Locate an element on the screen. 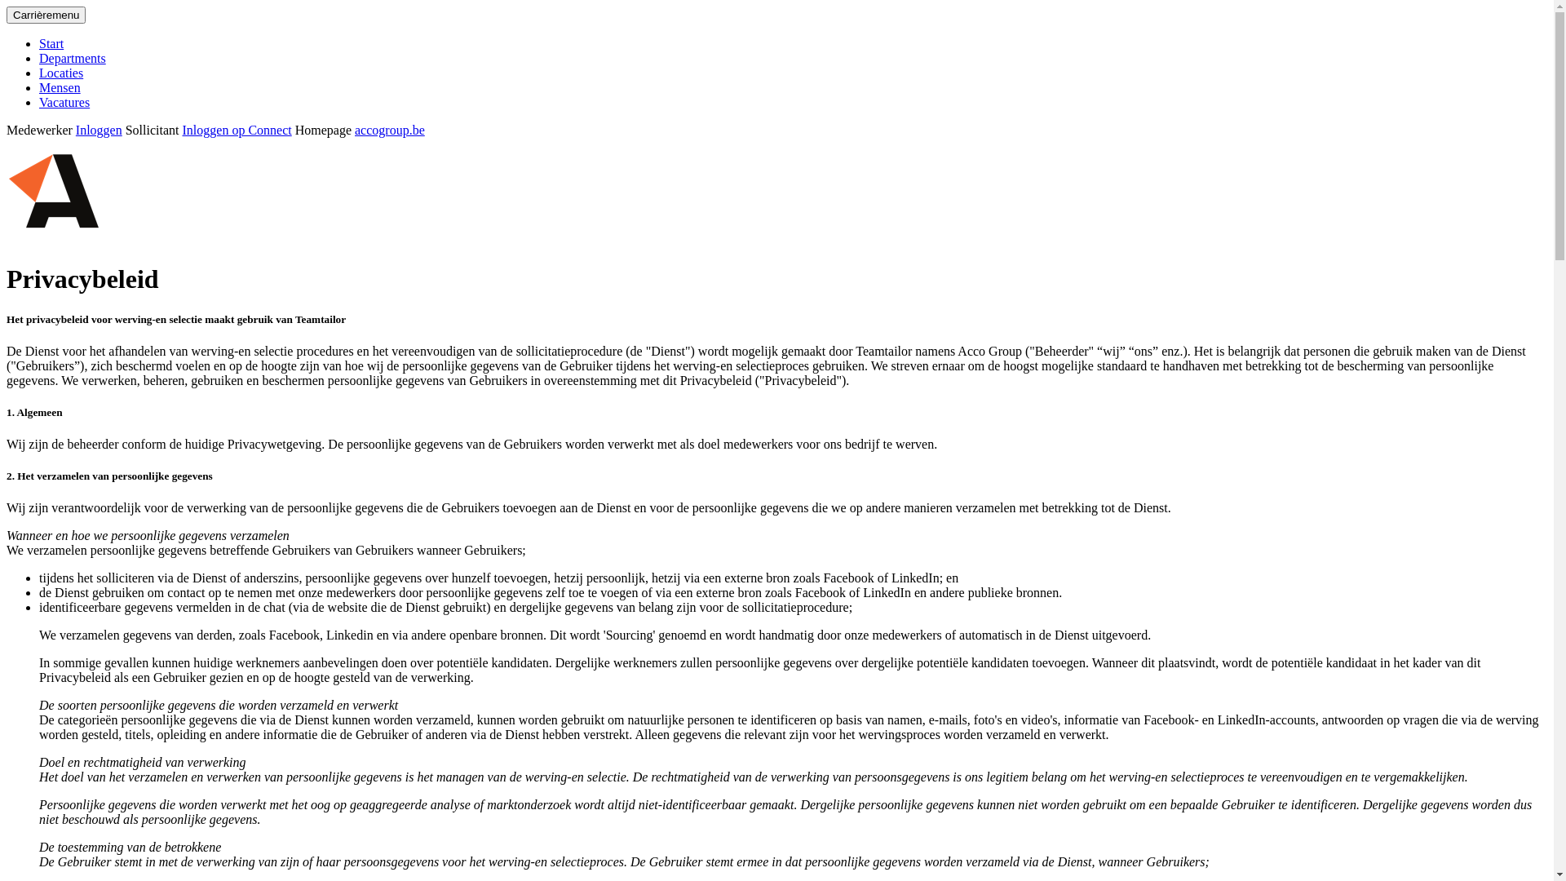 The image size is (1566, 881). 'Inloggen' is located at coordinates (98, 129).